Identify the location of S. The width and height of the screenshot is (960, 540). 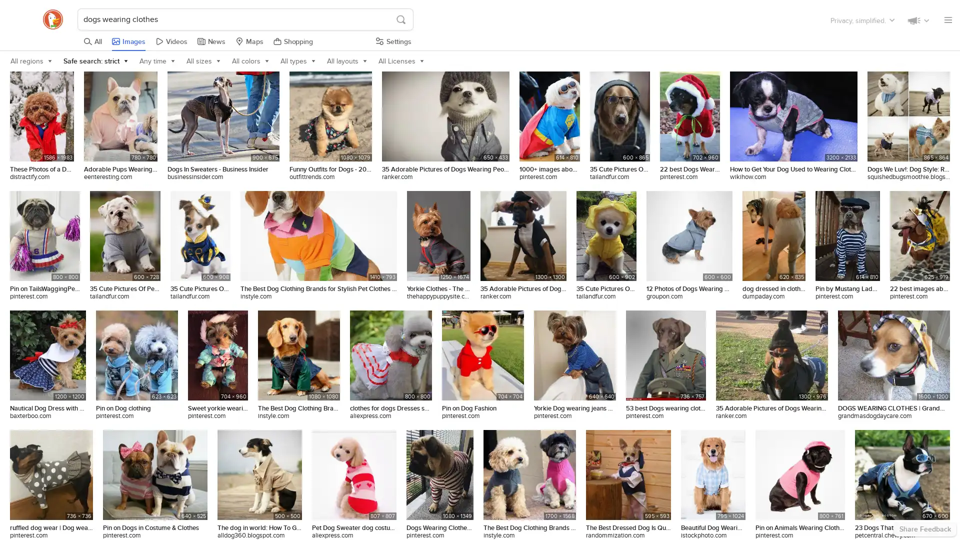
(400, 19).